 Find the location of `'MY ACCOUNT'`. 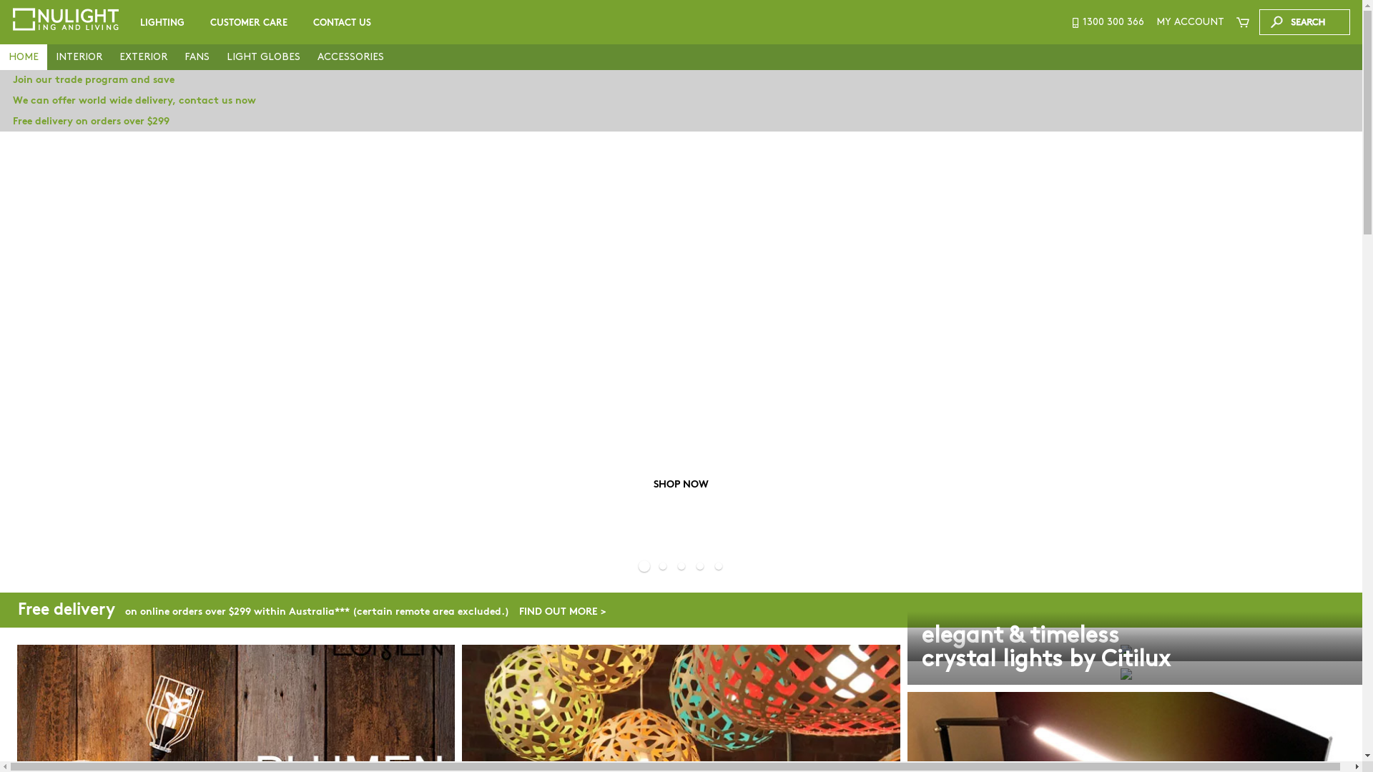

'MY ACCOUNT' is located at coordinates (1151, 21).